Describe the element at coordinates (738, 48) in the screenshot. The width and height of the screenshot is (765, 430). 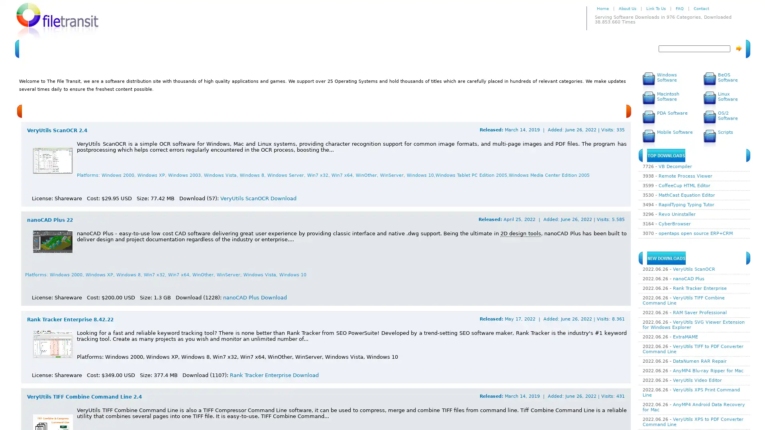
I see `SEARCH` at that location.